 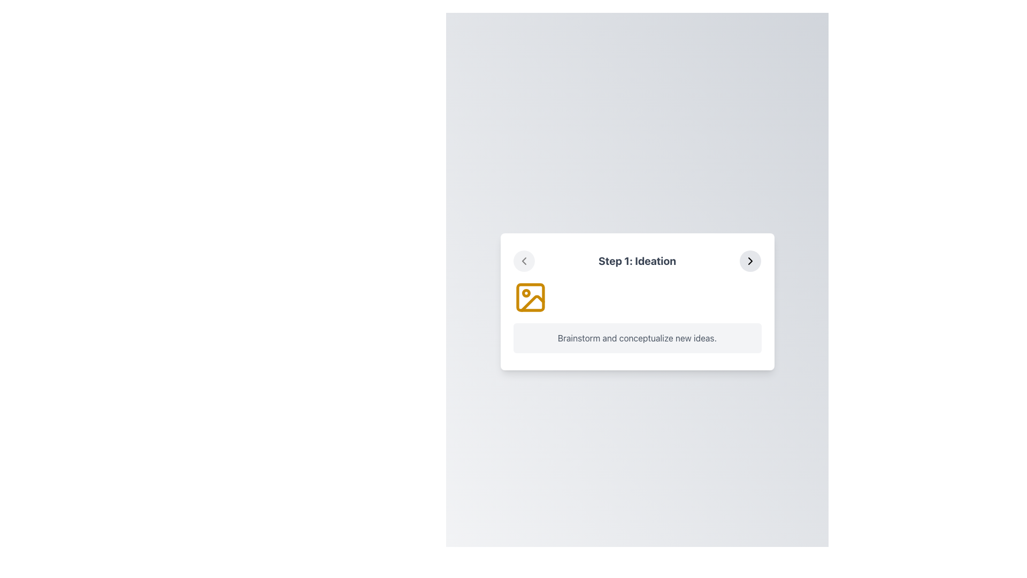 I want to click on the decorative graphical element, a white square with rounded corners and an orange outline, located at the center of the left icon representing an illustration or photograph, next to the 'Step 1: Ideation' title, so click(x=530, y=297).